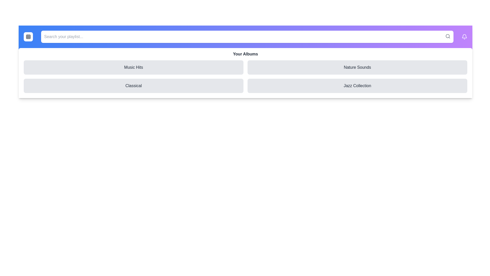 The image size is (490, 276). Describe the element at coordinates (133, 67) in the screenshot. I see `the album item Music Hits from the menu` at that location.